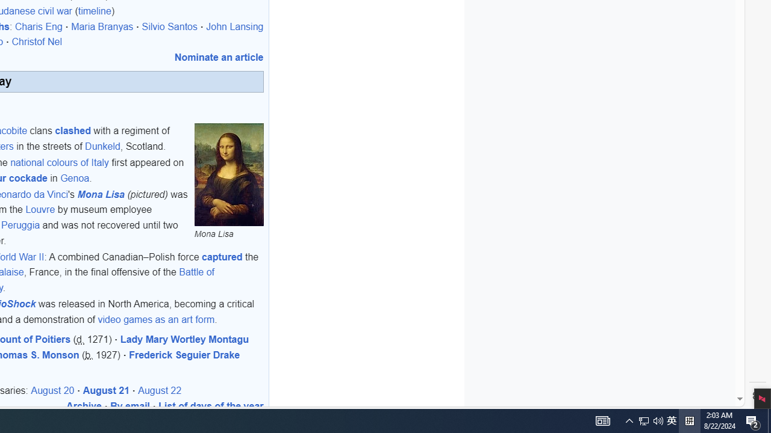 The height and width of the screenshot is (433, 771). I want to click on 'Mona Lisa', so click(101, 193).